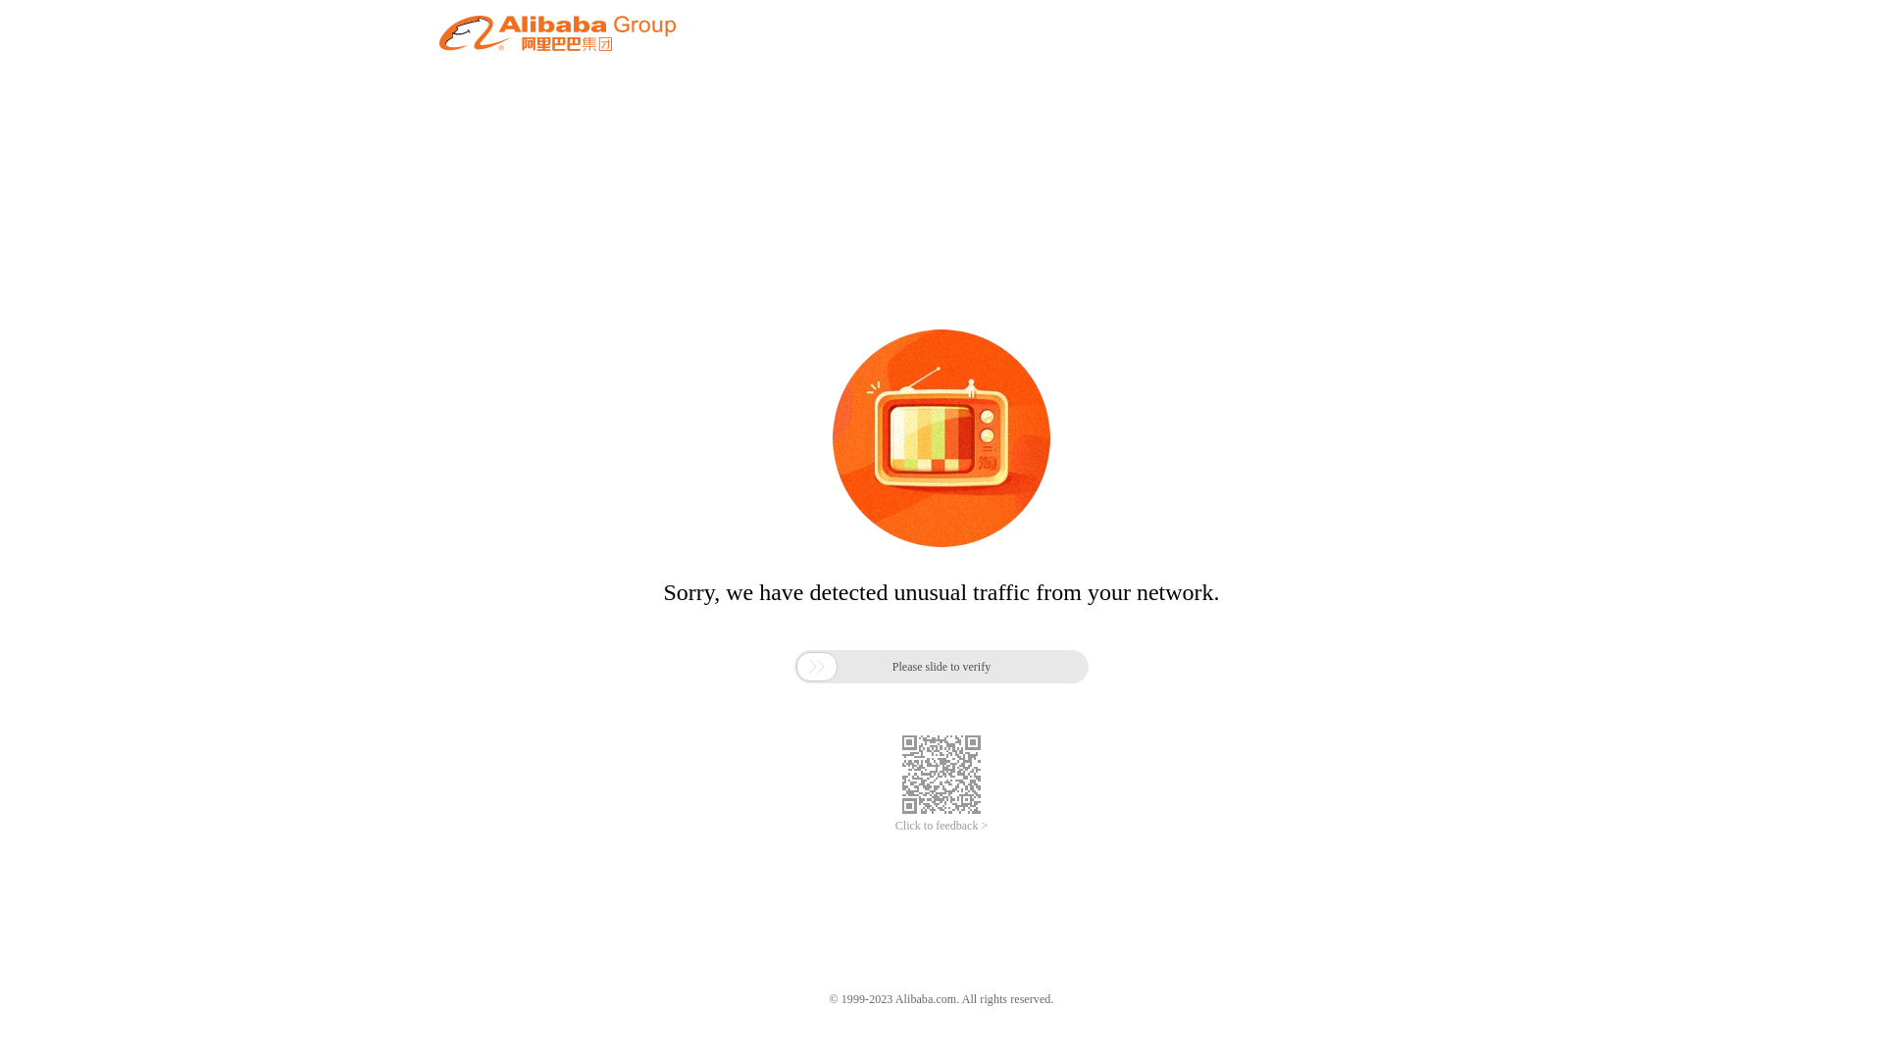  What do you see at coordinates (893, 826) in the screenshot?
I see `'Click to feedback >'` at bounding box center [893, 826].